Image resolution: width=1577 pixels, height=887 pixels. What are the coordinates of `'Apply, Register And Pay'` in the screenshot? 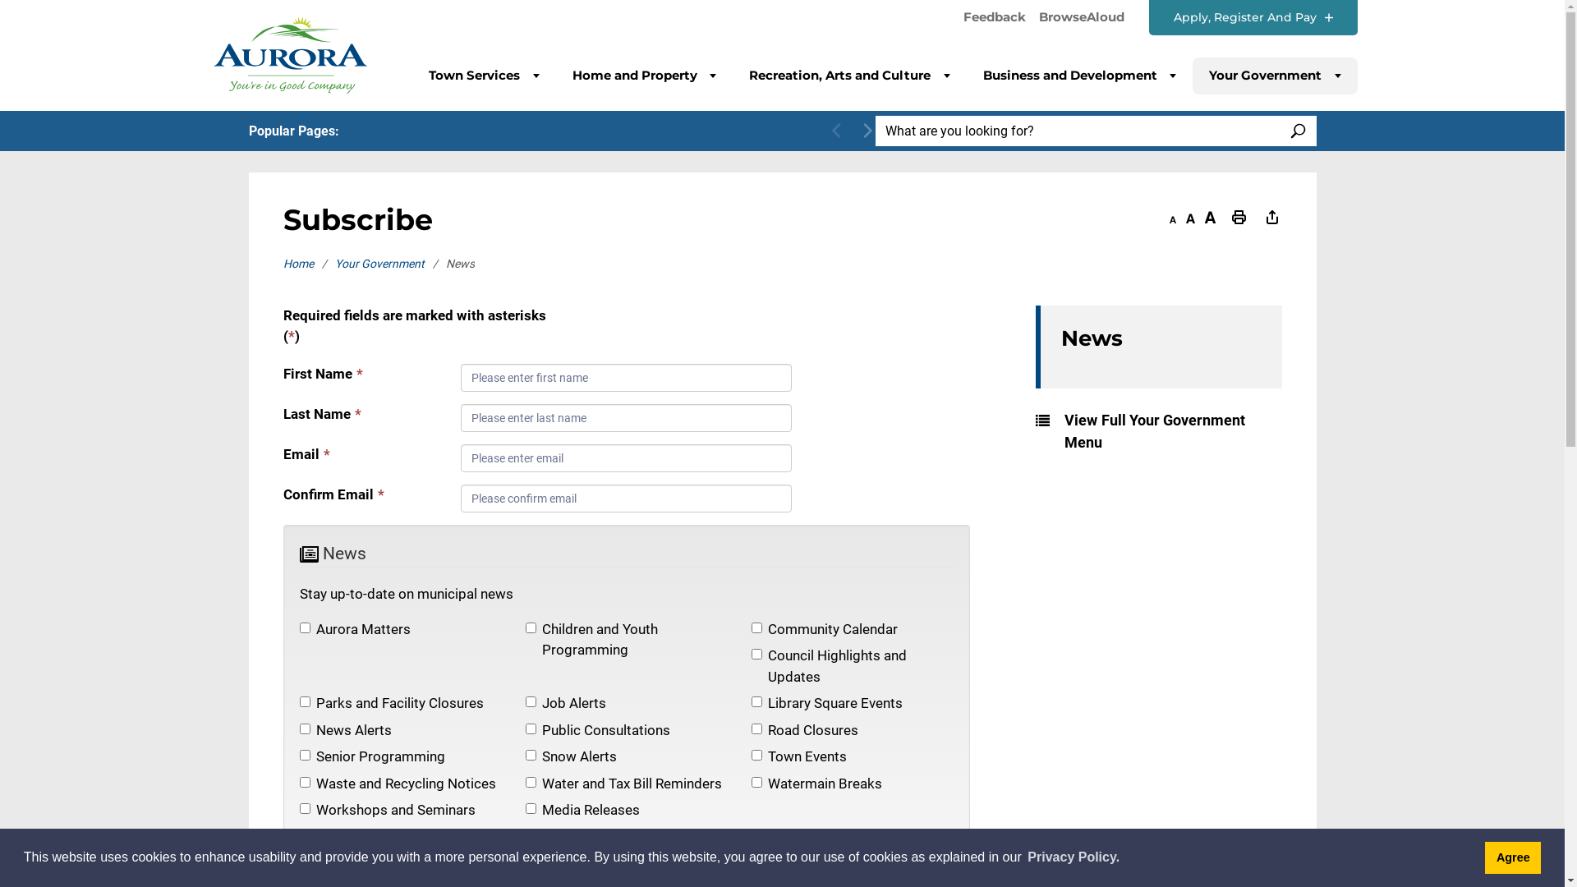 It's located at (1252, 17).